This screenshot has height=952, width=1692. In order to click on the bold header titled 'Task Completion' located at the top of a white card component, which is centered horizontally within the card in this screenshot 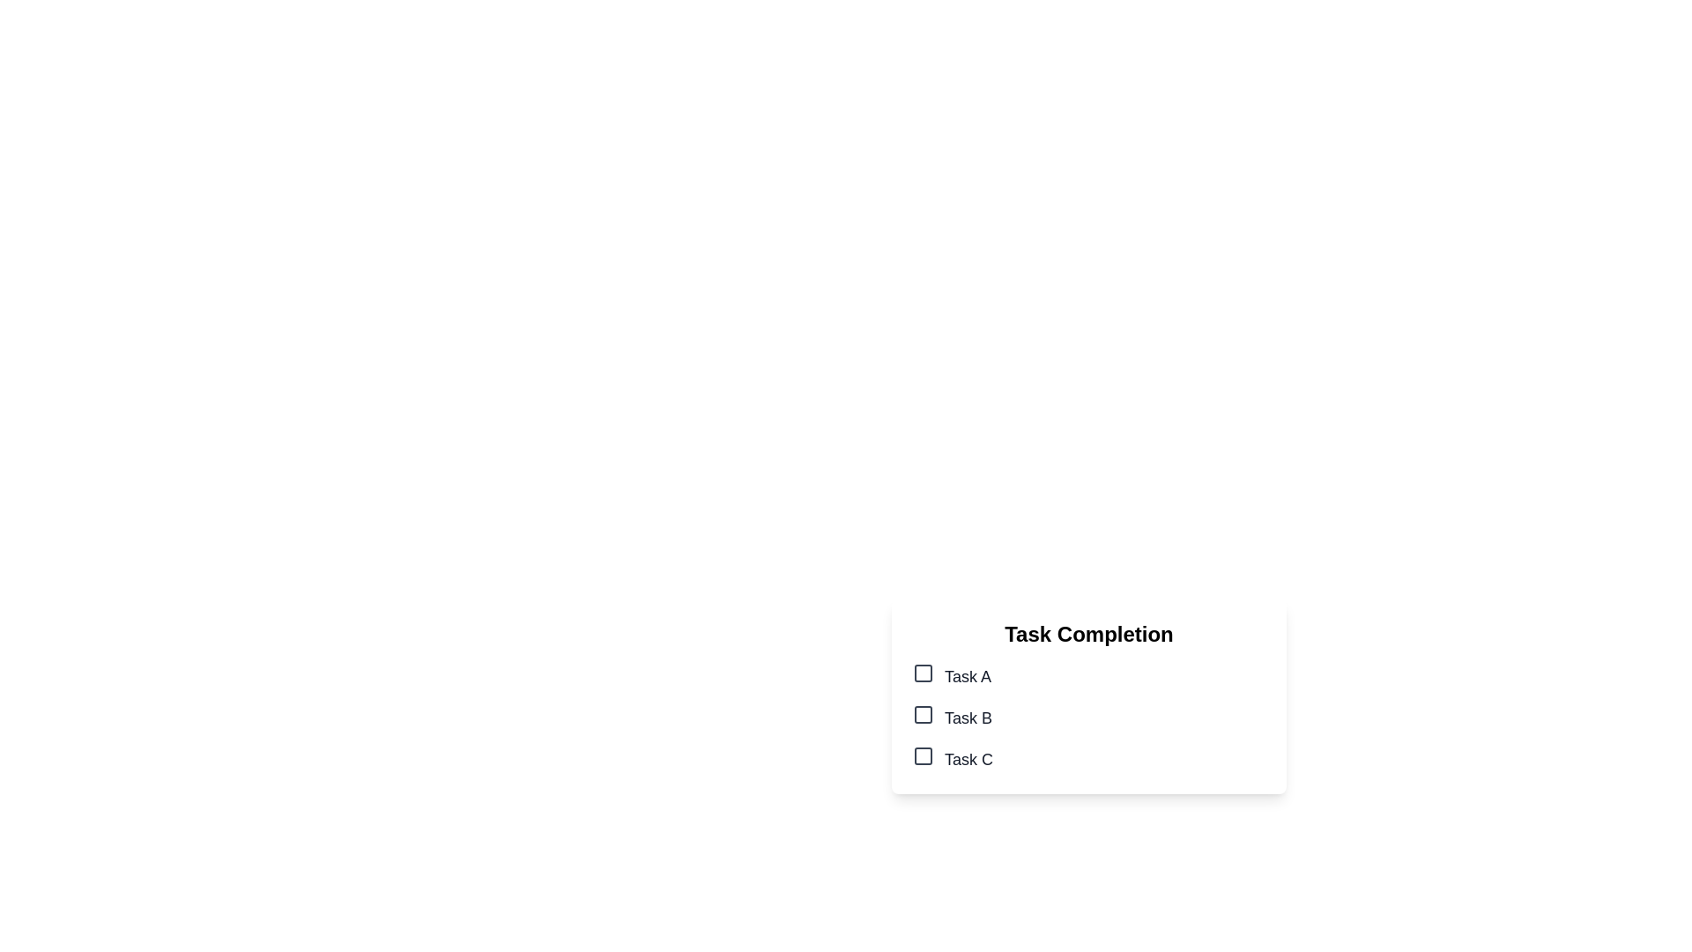, I will do `click(1088, 635)`.